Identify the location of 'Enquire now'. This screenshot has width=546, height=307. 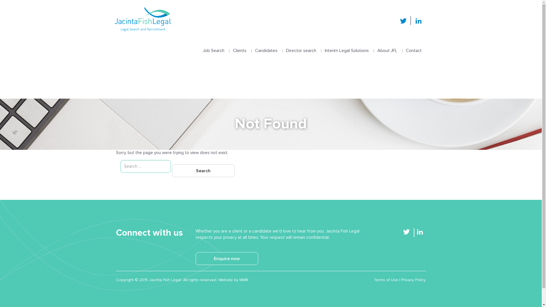
(226, 258).